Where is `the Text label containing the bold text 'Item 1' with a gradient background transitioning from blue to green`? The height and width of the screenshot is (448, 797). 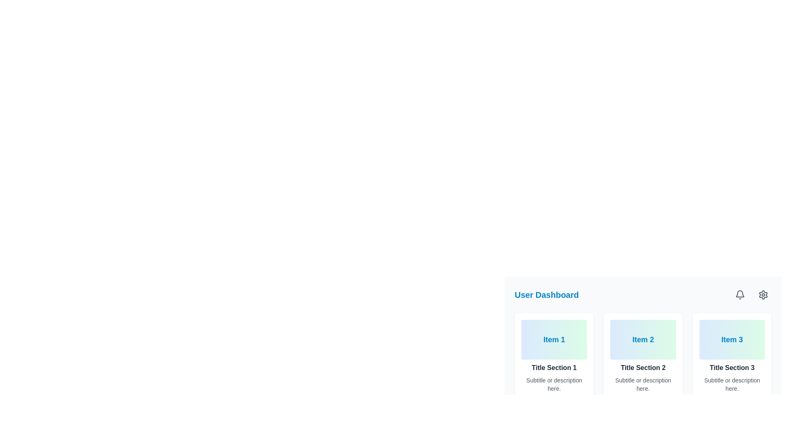 the Text label containing the bold text 'Item 1' with a gradient background transitioning from blue to green is located at coordinates (554, 339).